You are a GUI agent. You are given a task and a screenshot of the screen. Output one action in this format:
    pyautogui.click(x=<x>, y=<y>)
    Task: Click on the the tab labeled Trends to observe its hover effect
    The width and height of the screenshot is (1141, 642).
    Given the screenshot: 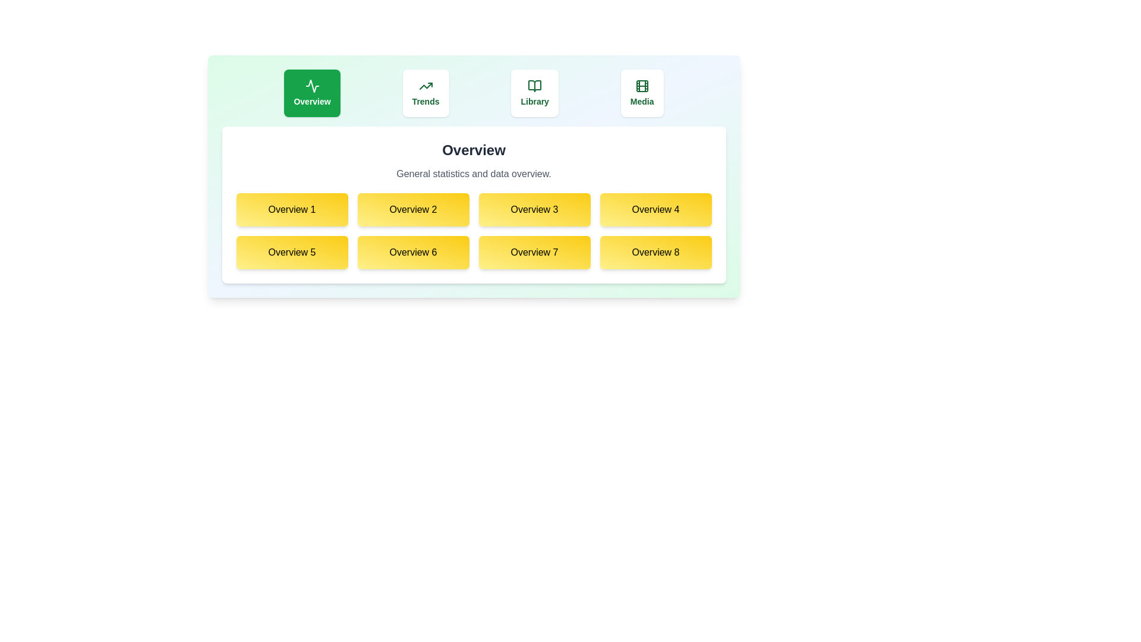 What is the action you would take?
    pyautogui.click(x=425, y=93)
    